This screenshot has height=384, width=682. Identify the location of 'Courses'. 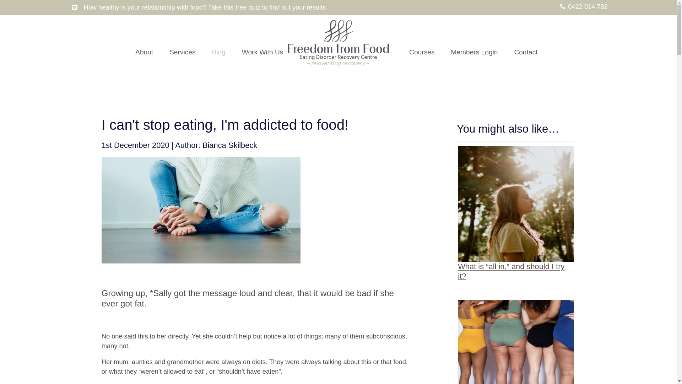
(422, 52).